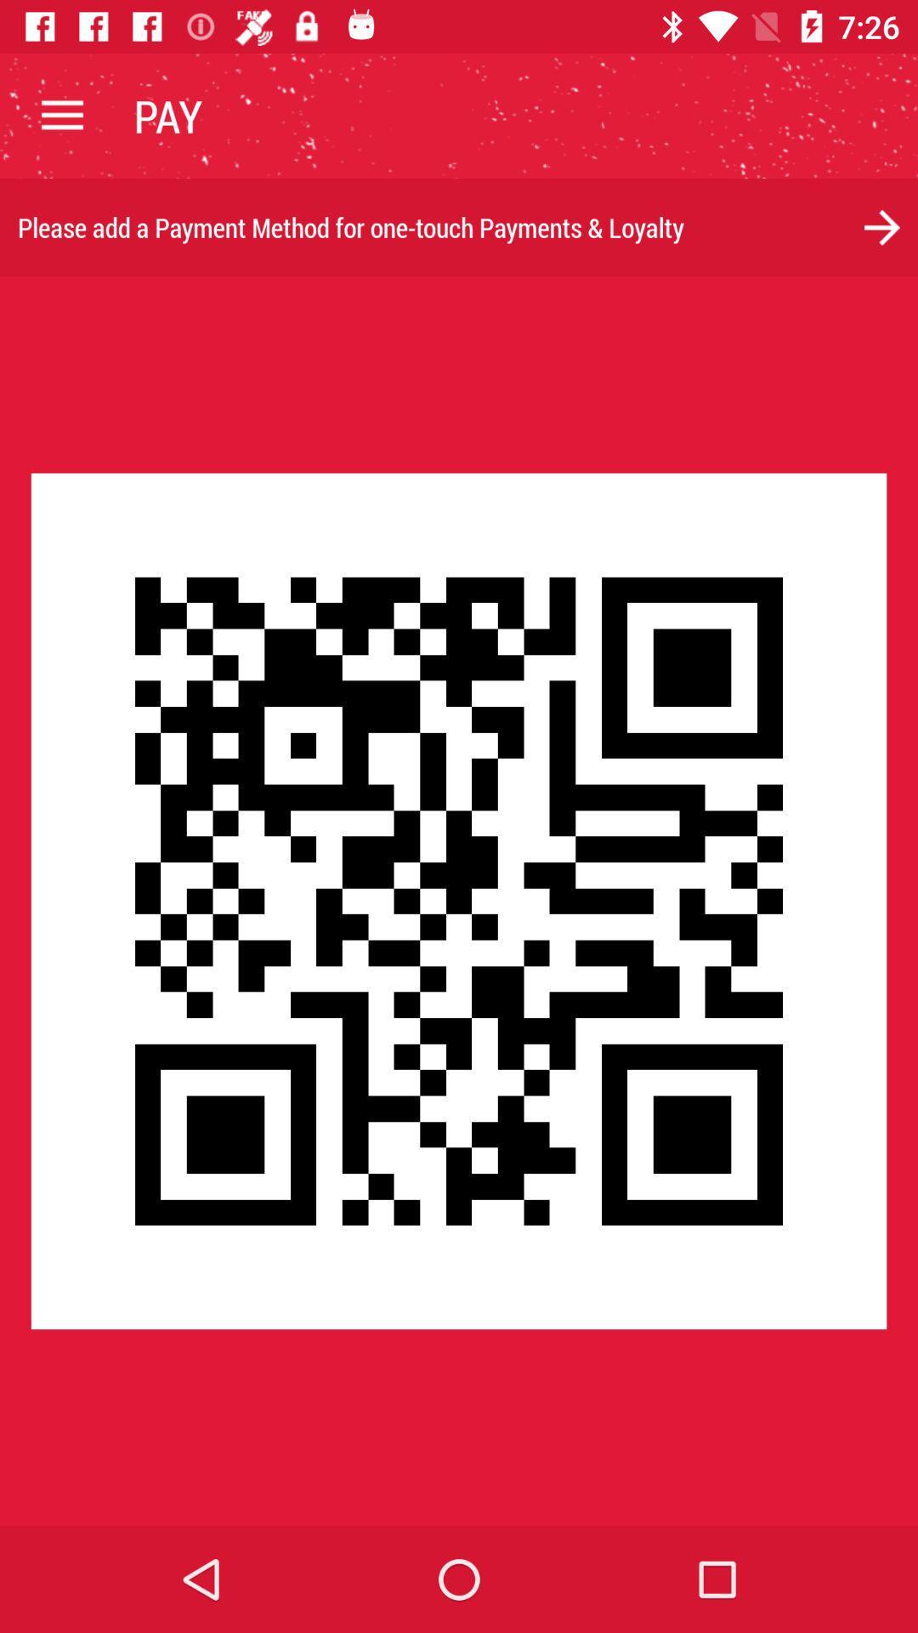 Image resolution: width=918 pixels, height=1633 pixels. I want to click on the item above please add a, so click(61, 115).